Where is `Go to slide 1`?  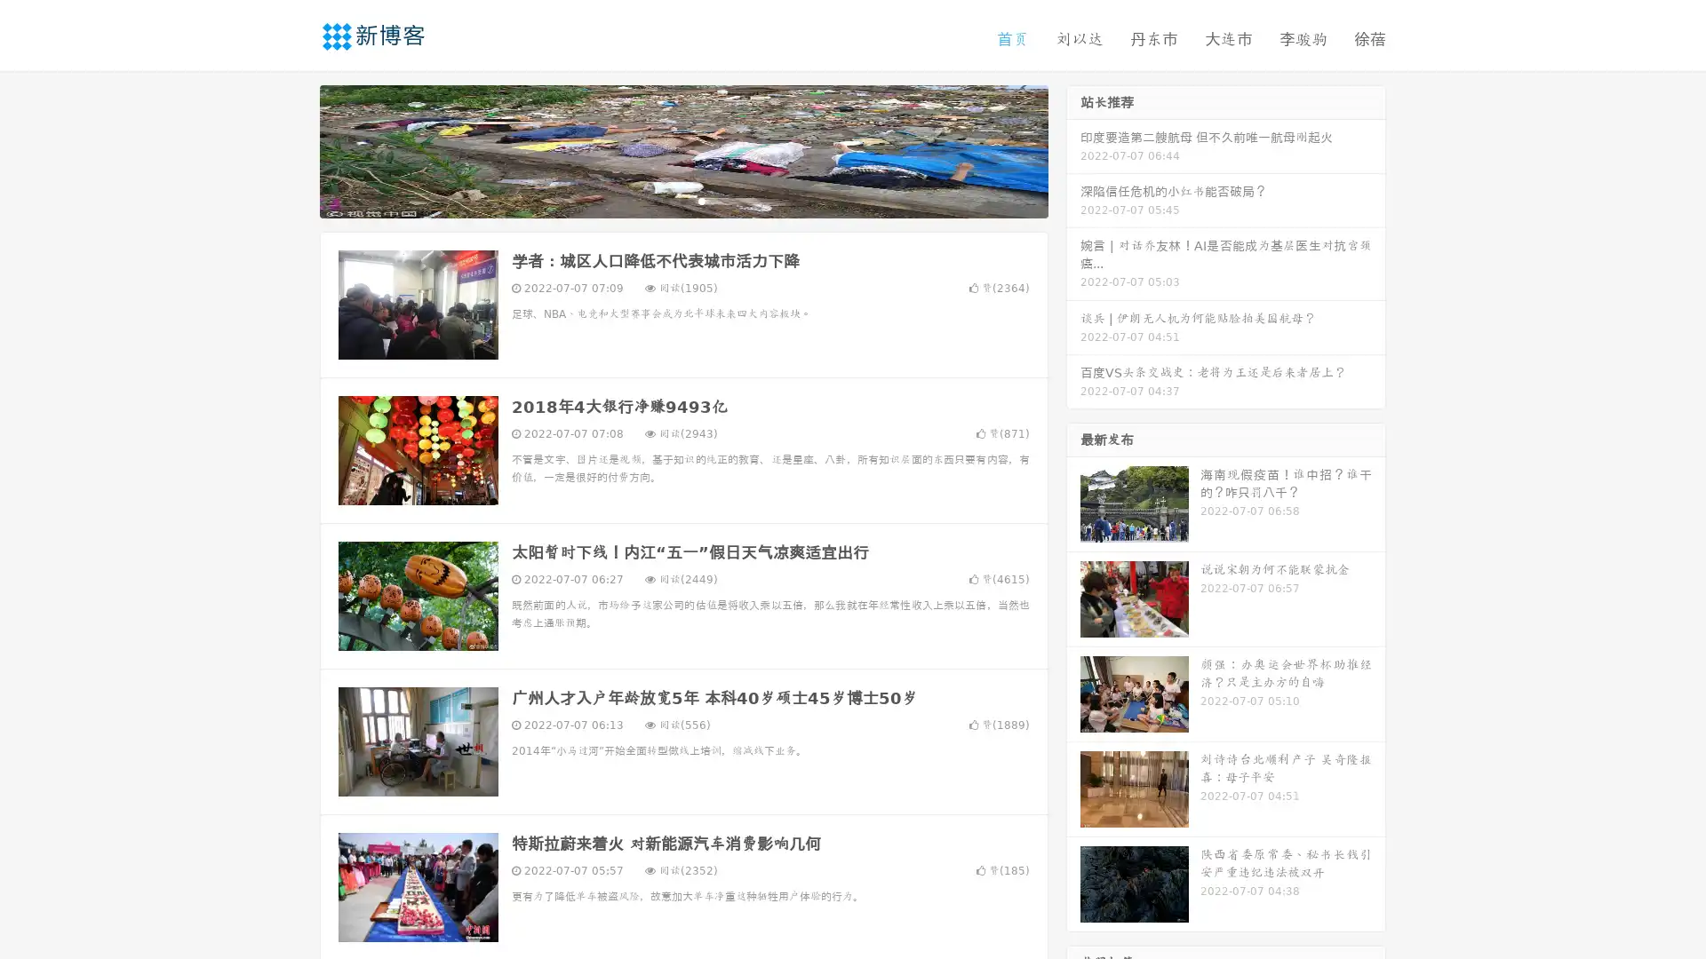
Go to slide 1 is located at coordinates (665, 200).